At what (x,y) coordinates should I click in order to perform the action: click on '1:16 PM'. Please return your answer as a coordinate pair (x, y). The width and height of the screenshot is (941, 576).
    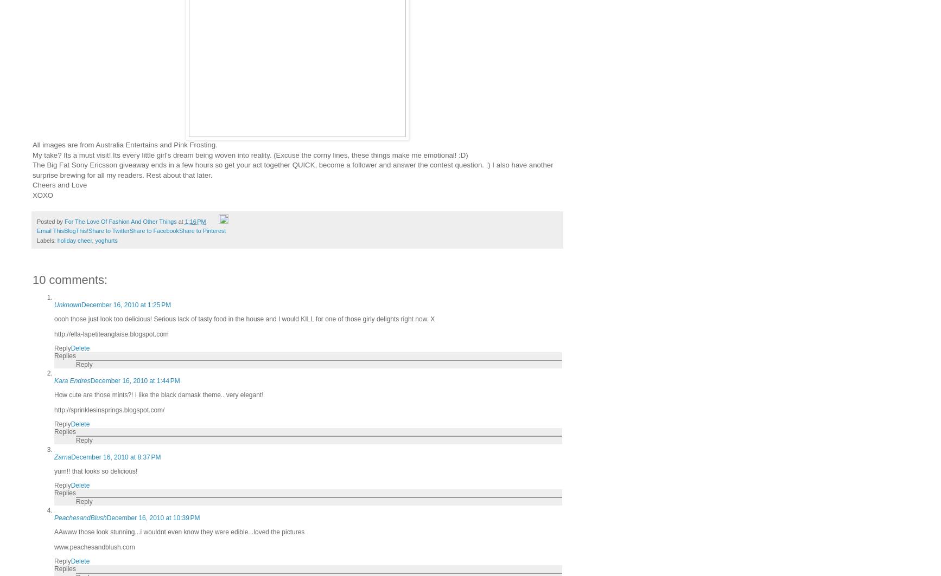
    Looking at the image, I should click on (195, 222).